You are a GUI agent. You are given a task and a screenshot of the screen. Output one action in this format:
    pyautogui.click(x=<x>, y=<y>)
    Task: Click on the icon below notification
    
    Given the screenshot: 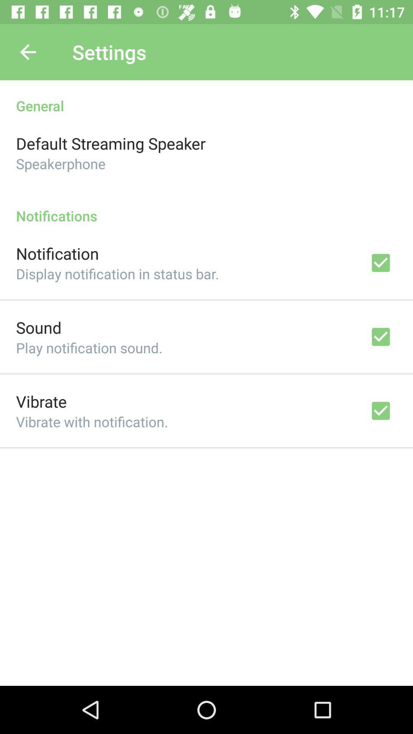 What is the action you would take?
    pyautogui.click(x=117, y=274)
    